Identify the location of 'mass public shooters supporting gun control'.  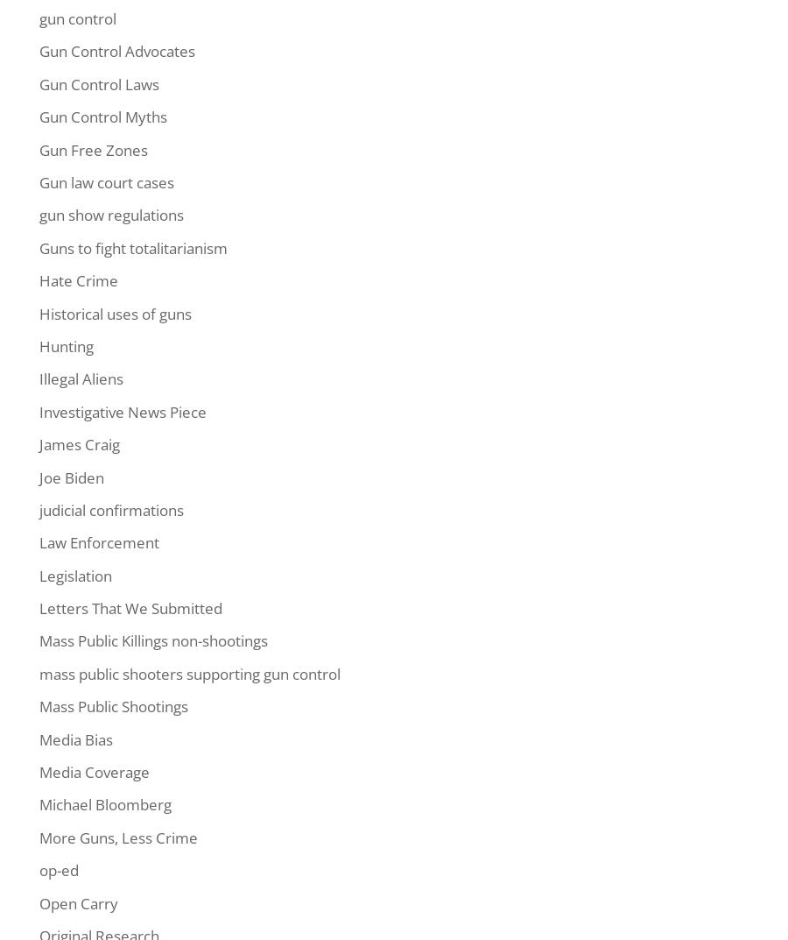
(189, 672).